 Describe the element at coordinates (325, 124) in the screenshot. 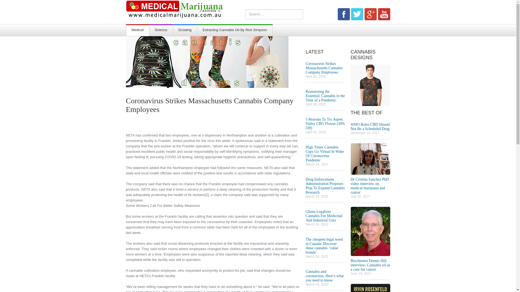

I see `'5 Reasons To Try Aspen Valley CBG Flower (30% Off)'` at that location.